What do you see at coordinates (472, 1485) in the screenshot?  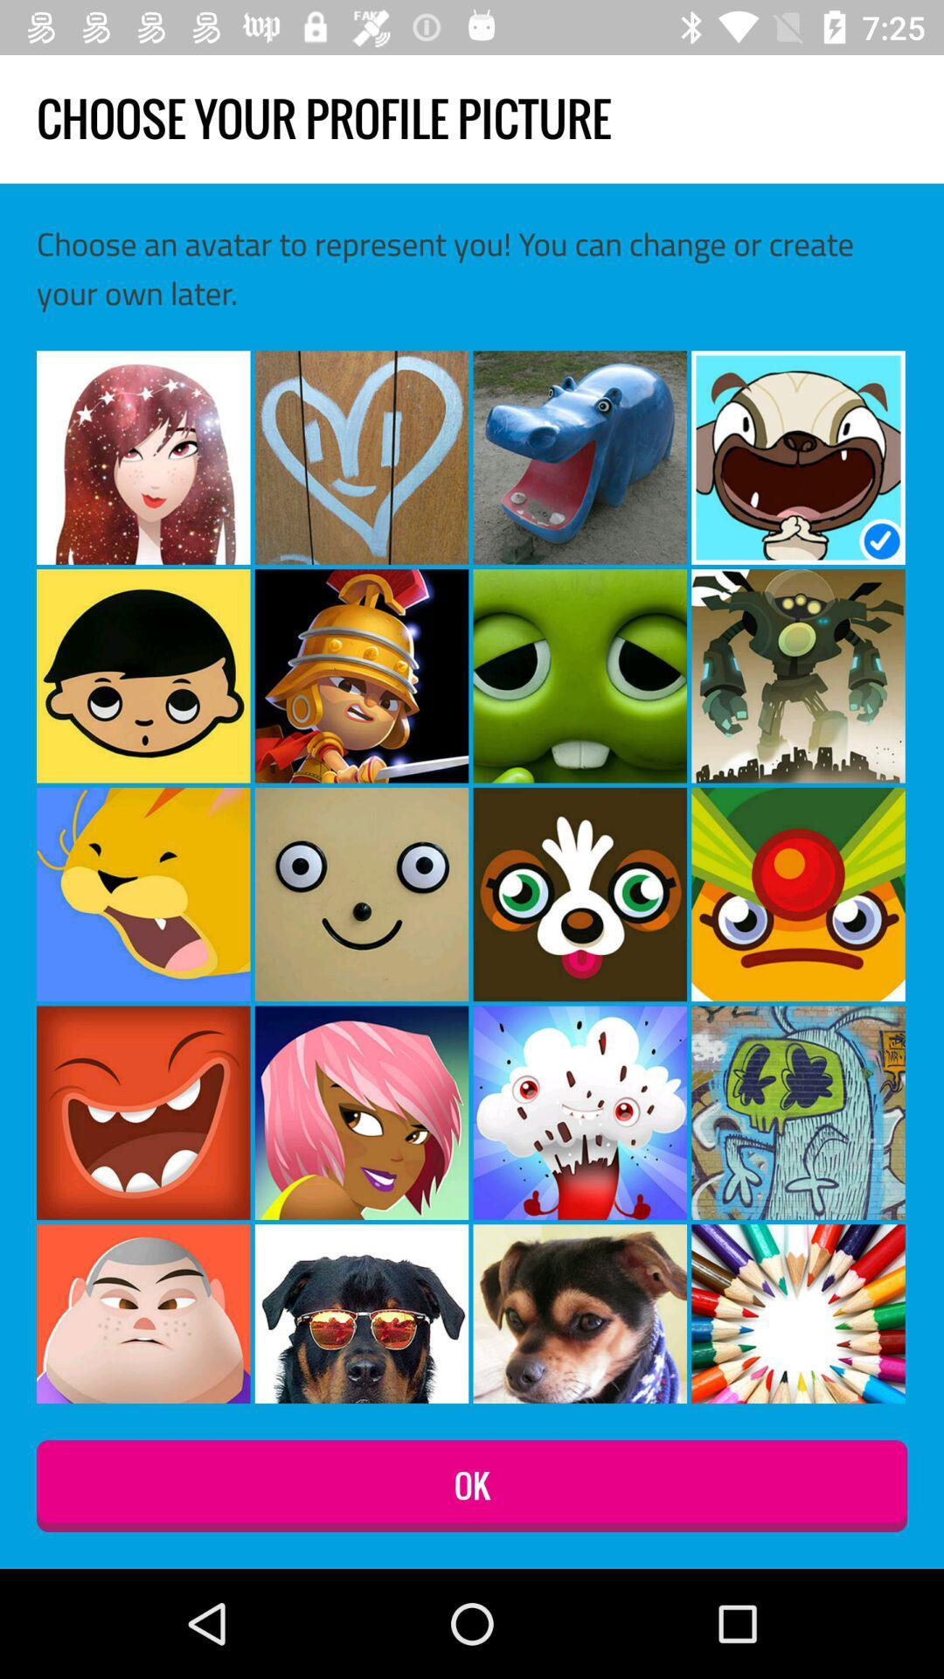 I see `ok item` at bounding box center [472, 1485].